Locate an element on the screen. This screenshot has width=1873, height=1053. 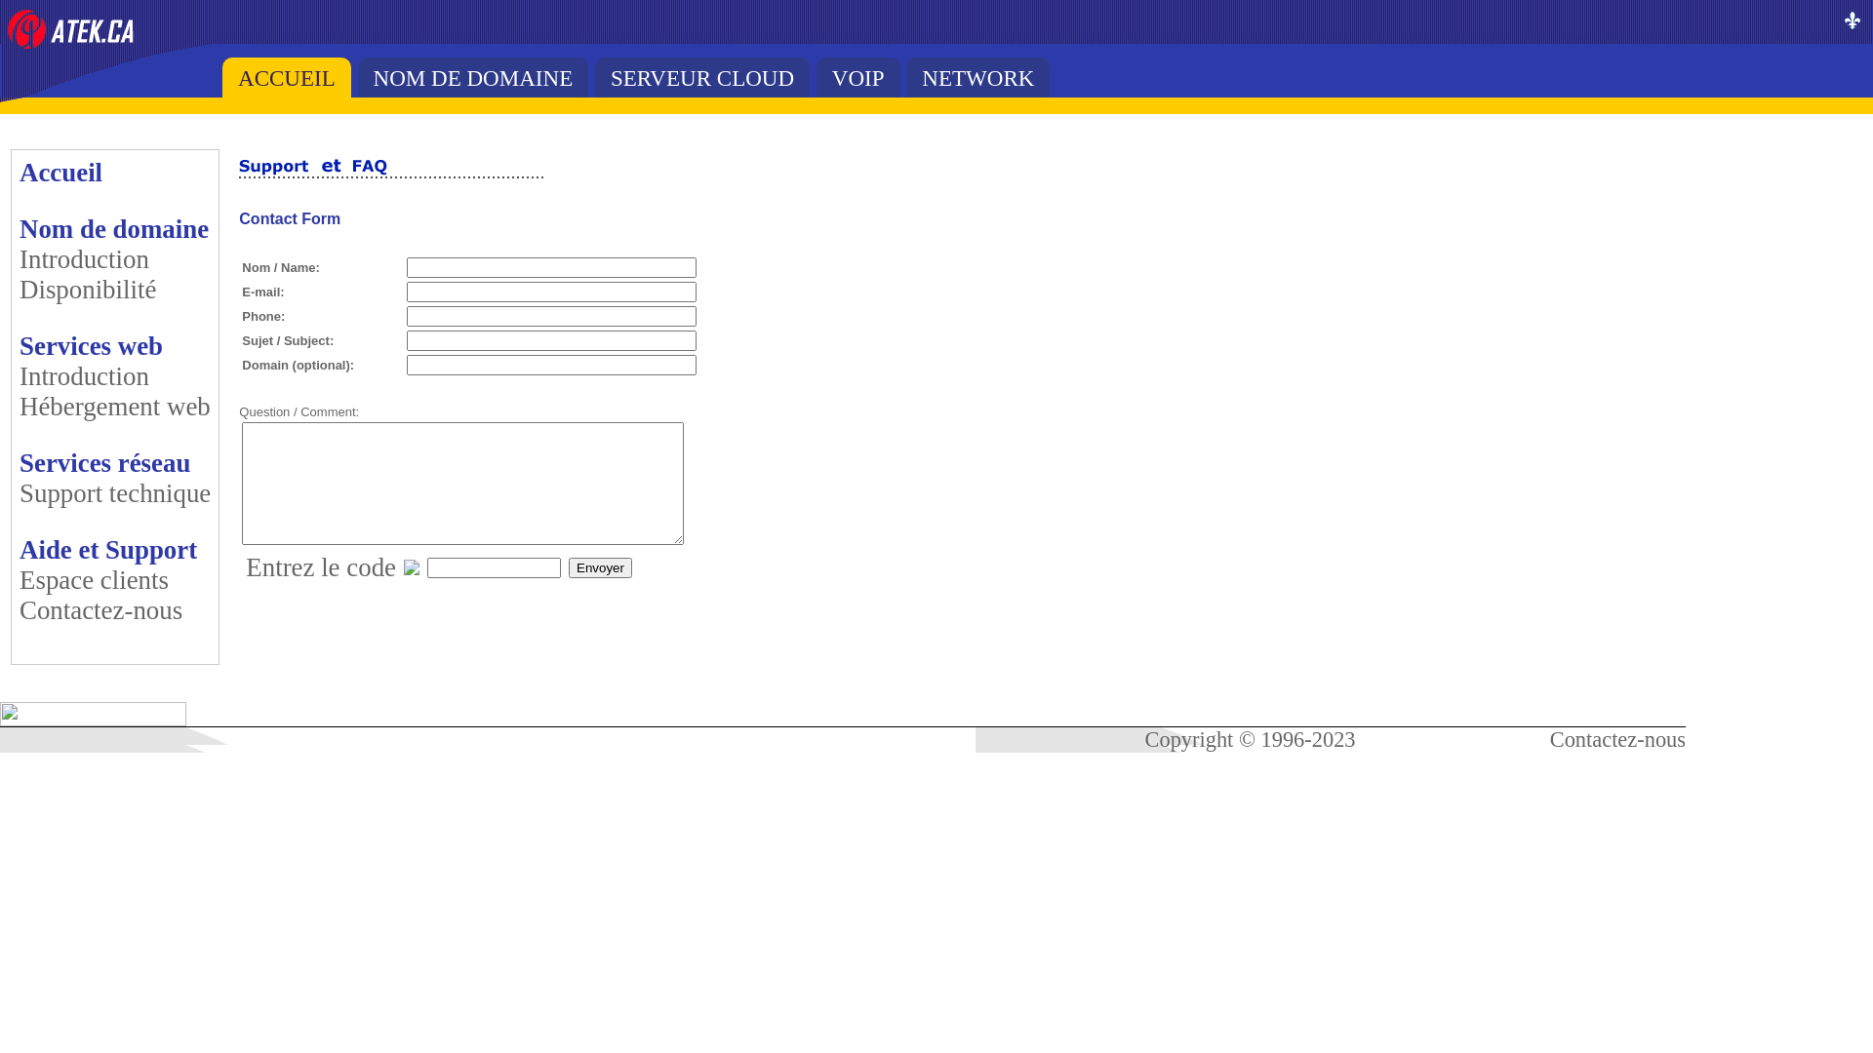
'Espace clients' is located at coordinates (93, 578).